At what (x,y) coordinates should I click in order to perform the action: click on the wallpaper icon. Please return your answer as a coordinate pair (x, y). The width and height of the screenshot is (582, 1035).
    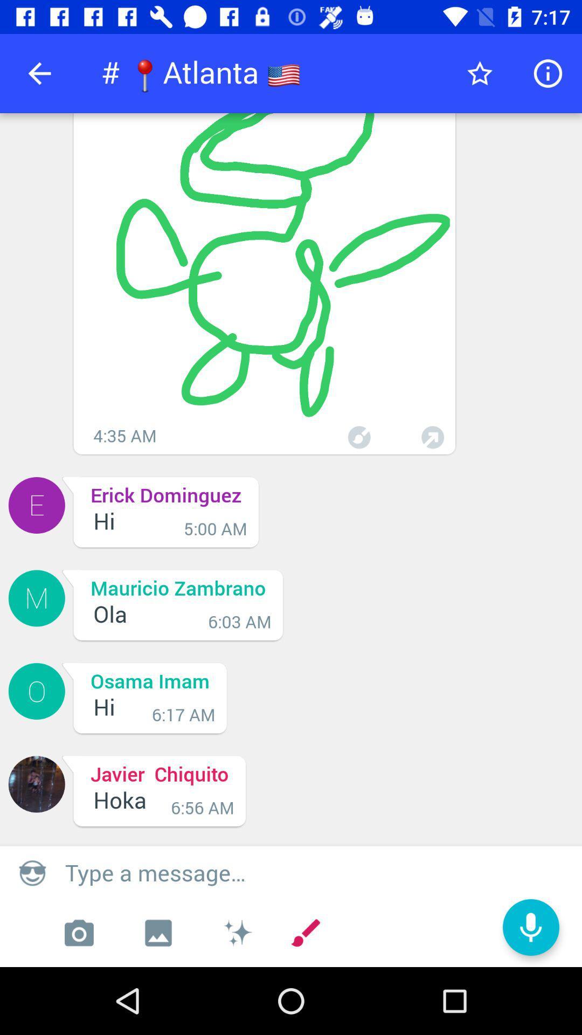
    Looking at the image, I should click on (158, 933).